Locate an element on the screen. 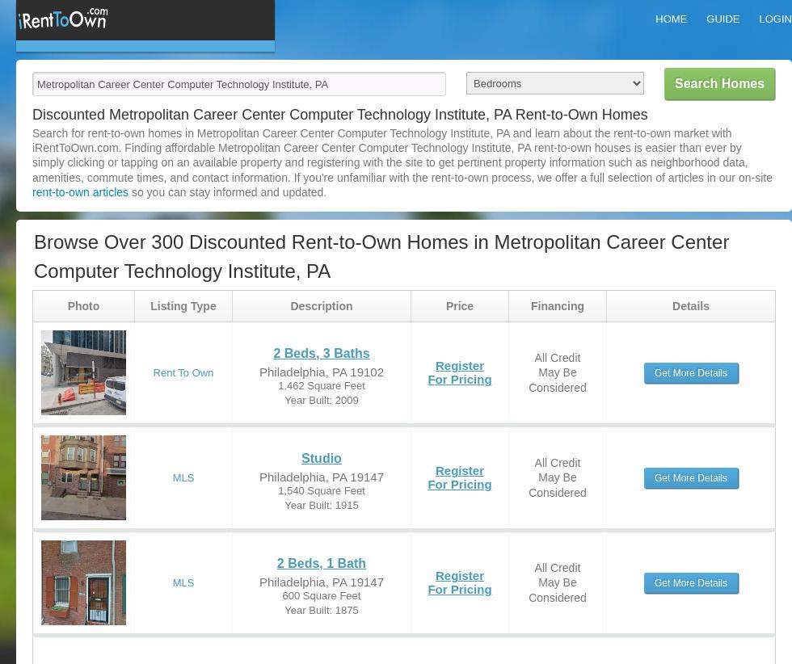  'Home' is located at coordinates (655, 18).